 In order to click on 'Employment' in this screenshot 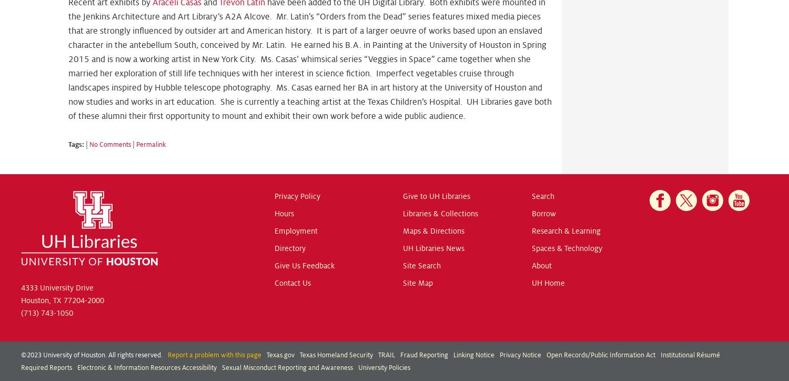, I will do `click(296, 231)`.